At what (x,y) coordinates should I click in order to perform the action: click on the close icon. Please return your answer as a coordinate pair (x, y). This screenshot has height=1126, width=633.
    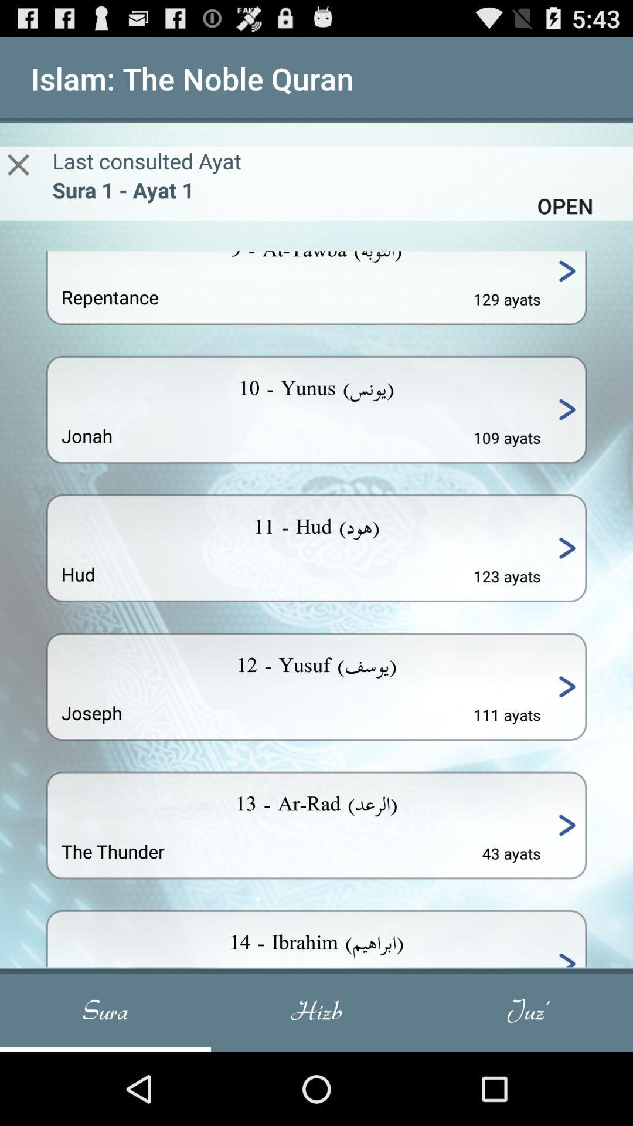
    Looking at the image, I should click on (18, 176).